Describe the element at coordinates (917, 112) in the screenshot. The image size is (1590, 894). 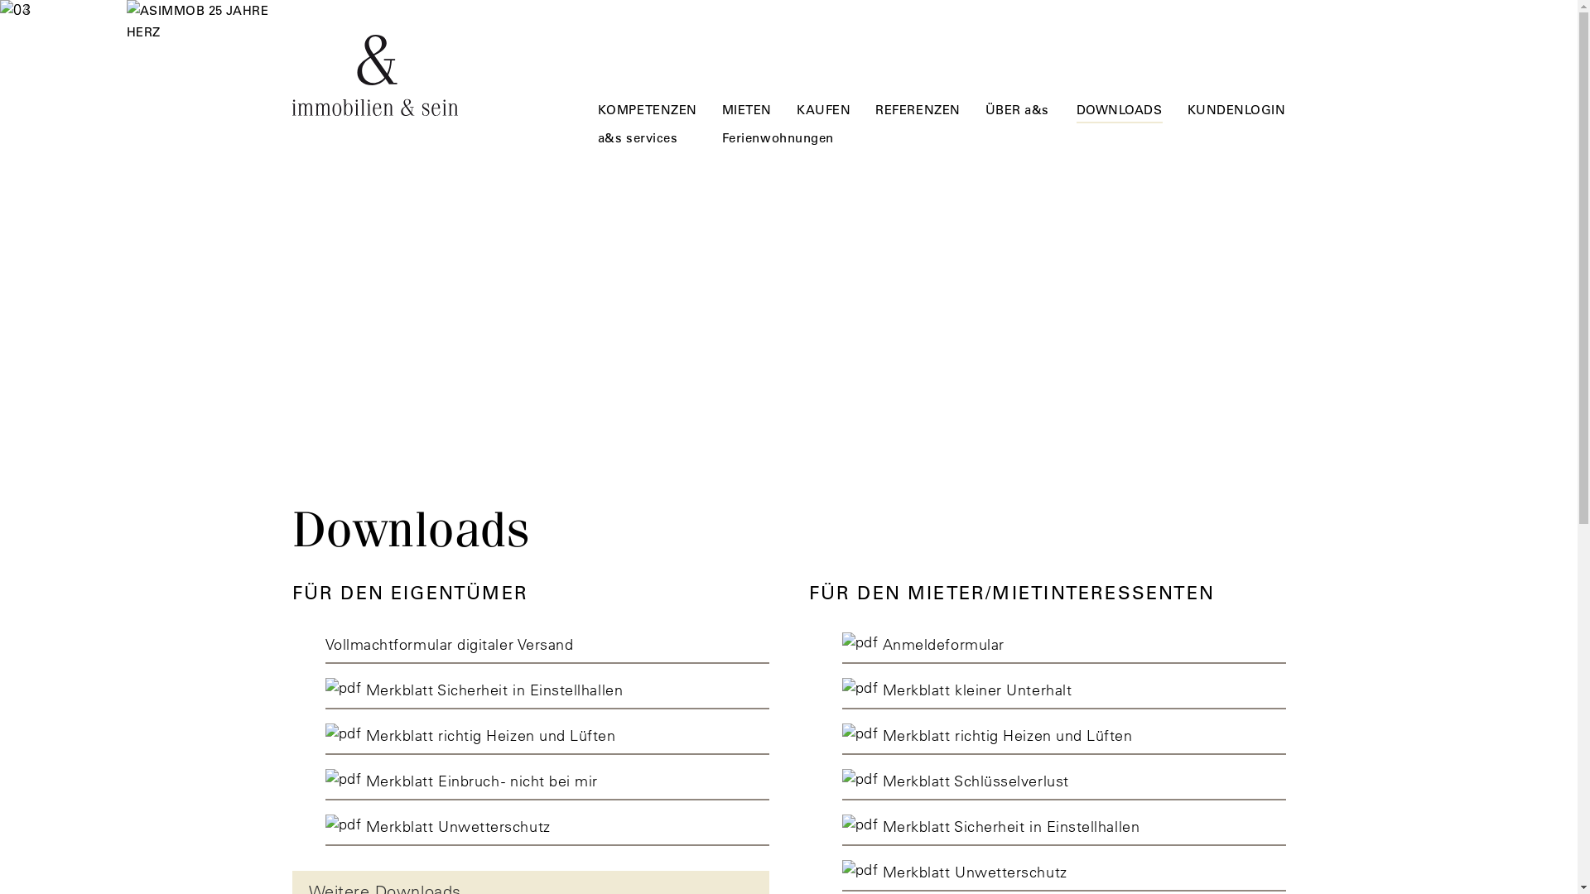
I see `'REFERENZEN'` at that location.